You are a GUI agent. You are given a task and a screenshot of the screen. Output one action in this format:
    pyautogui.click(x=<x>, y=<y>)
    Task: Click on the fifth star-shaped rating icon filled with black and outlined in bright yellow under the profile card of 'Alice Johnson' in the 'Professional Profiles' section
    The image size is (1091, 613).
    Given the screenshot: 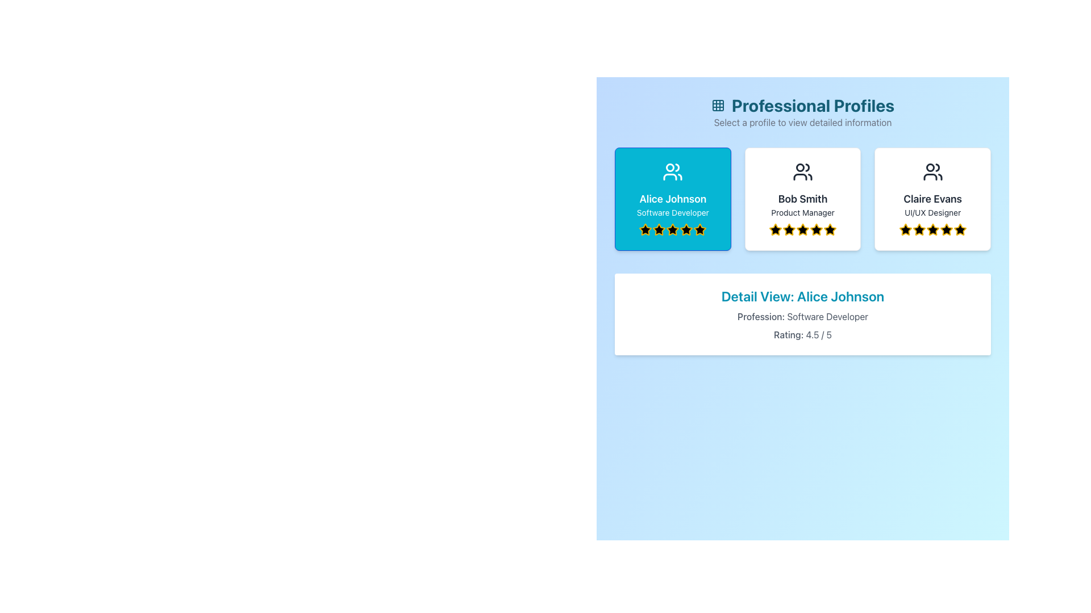 What is the action you would take?
    pyautogui.click(x=699, y=229)
    